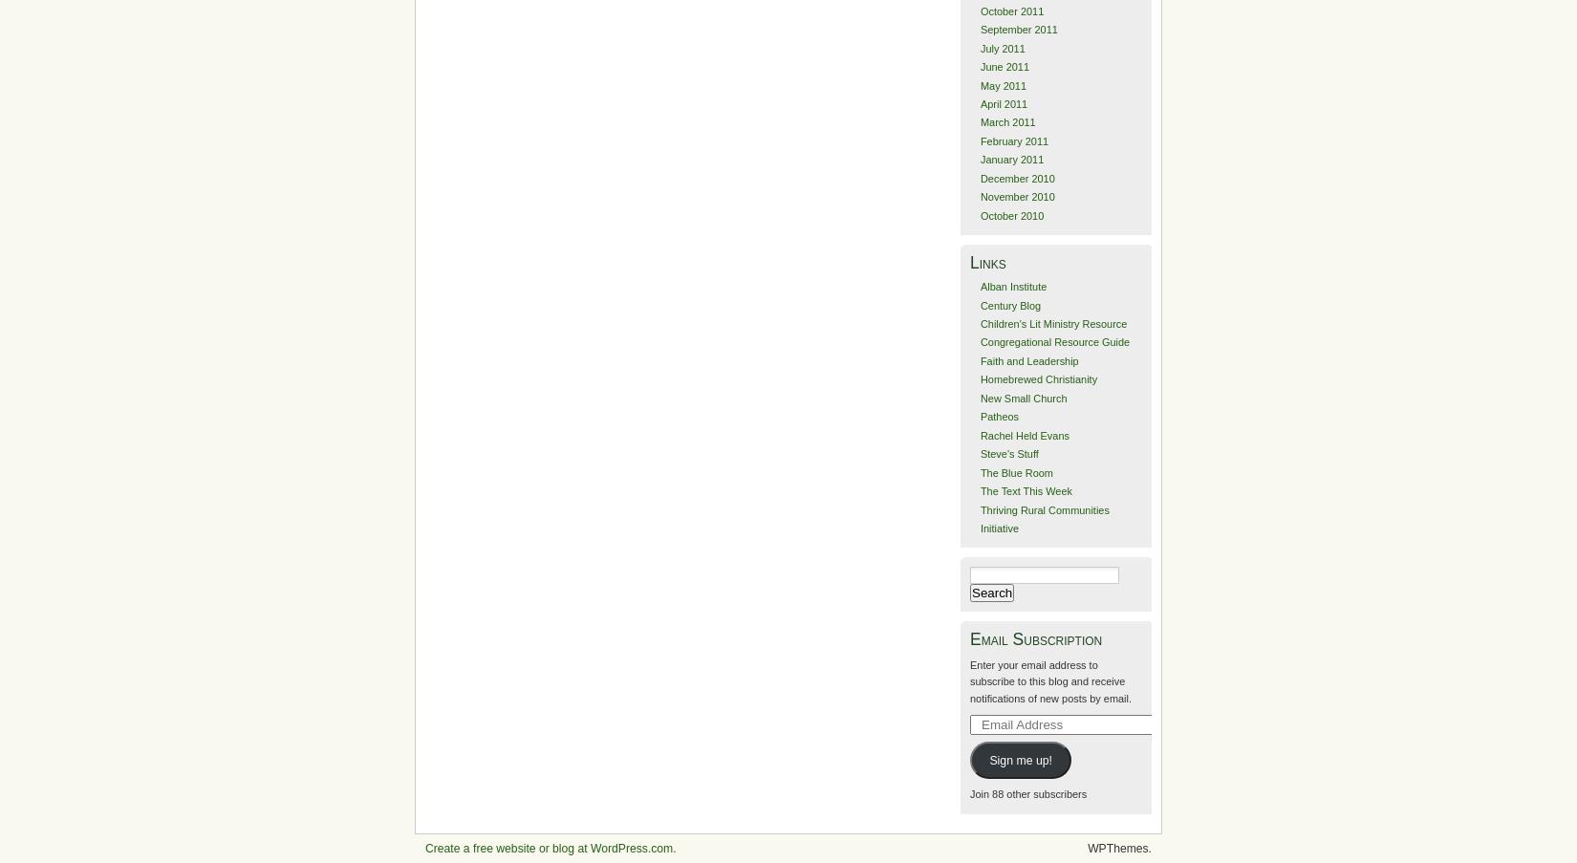  What do you see at coordinates (1013, 140) in the screenshot?
I see `'February 2011'` at bounding box center [1013, 140].